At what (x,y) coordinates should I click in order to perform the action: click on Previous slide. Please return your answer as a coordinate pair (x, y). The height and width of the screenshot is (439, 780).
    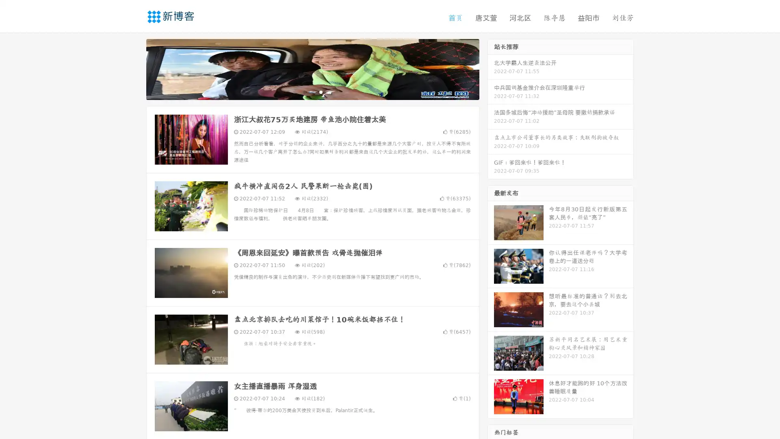
    Looking at the image, I should click on (134, 68).